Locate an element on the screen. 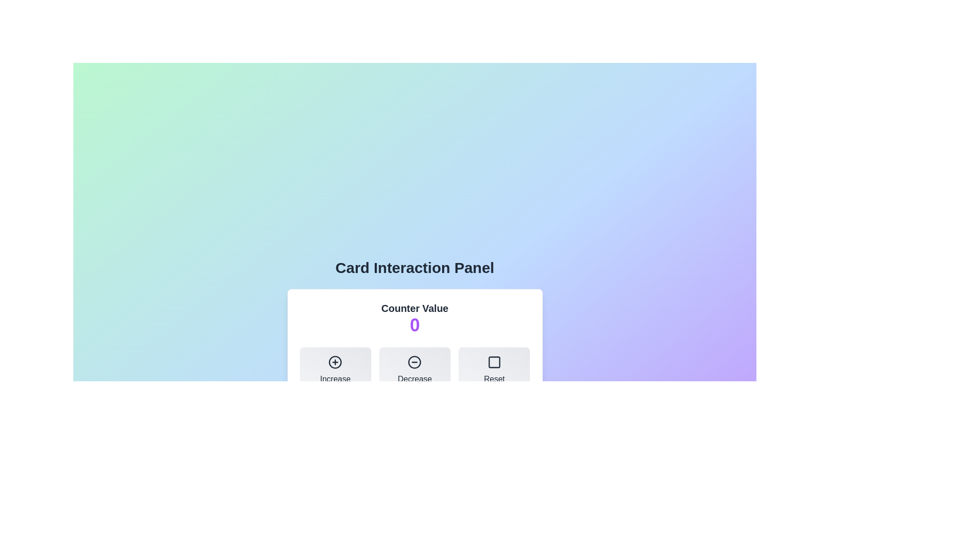  the bold, large-sized numeral '0' styled in purple, which is centrally located within a card-style interface beneath the 'Counter Value' text is located at coordinates (415, 325).